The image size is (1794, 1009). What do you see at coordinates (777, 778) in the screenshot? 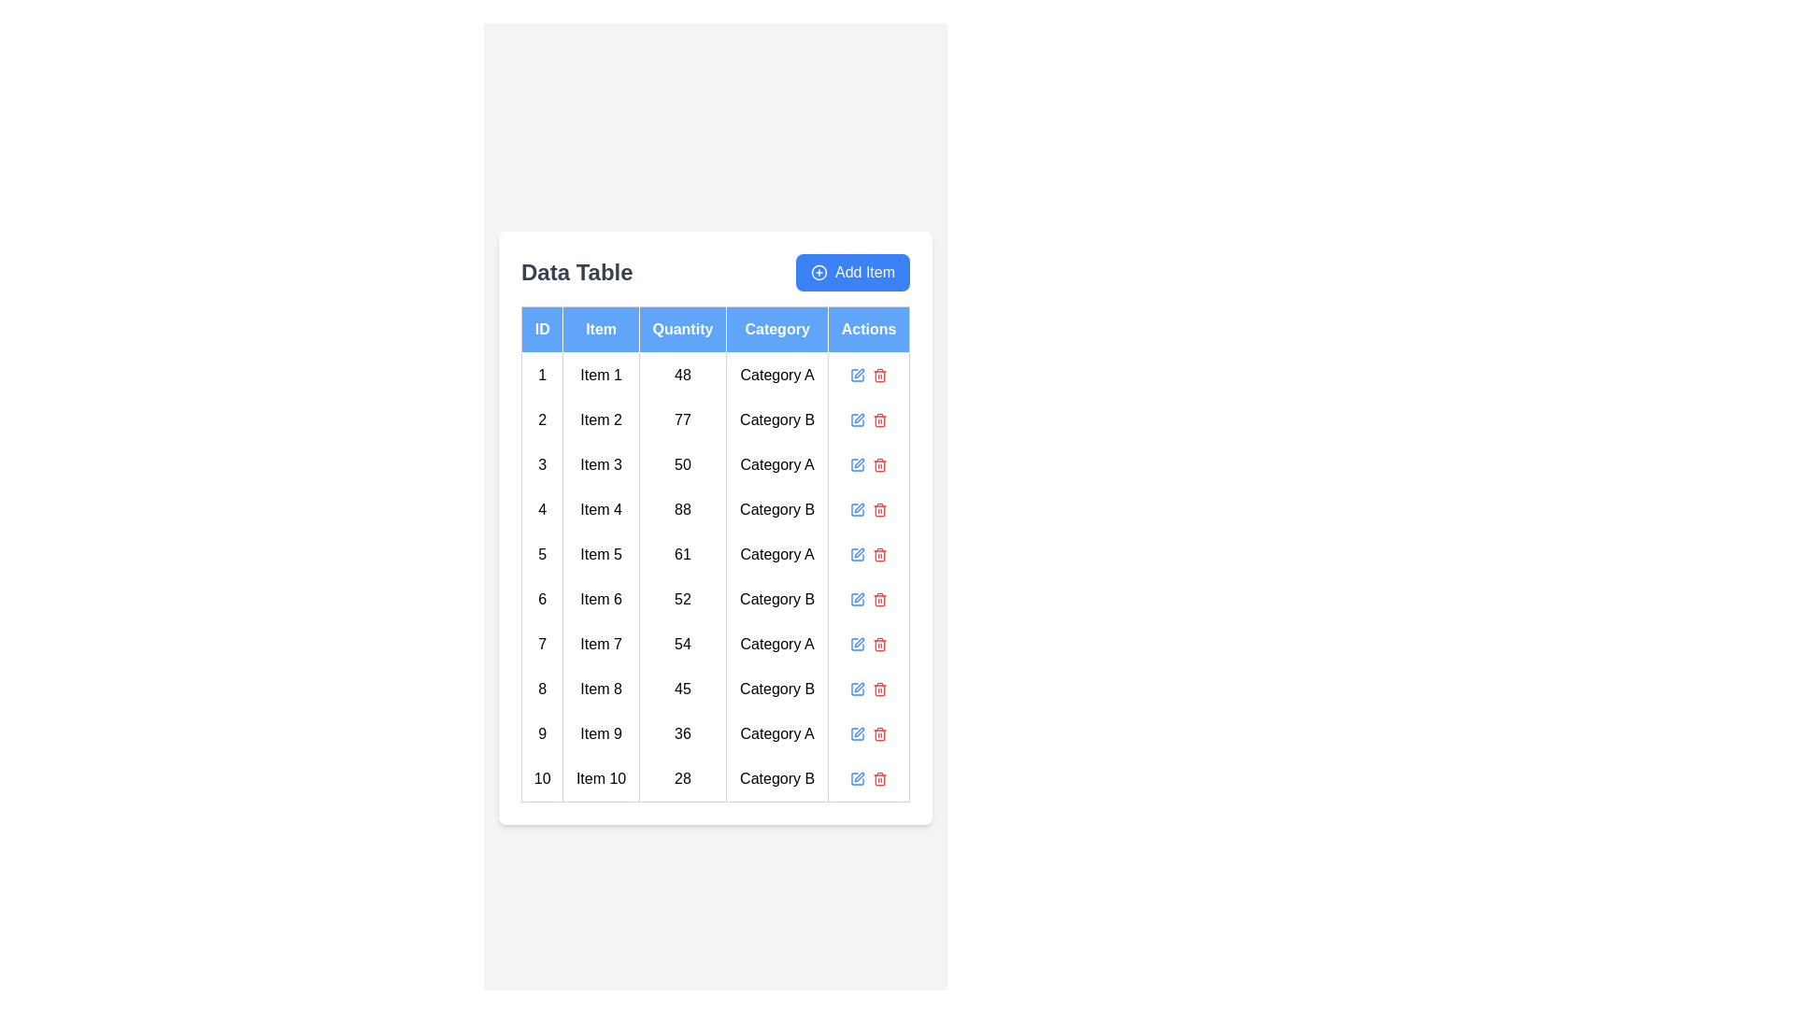
I see `the text label displaying 'Category B' located in the last row of the table under the 'Category' column` at bounding box center [777, 778].